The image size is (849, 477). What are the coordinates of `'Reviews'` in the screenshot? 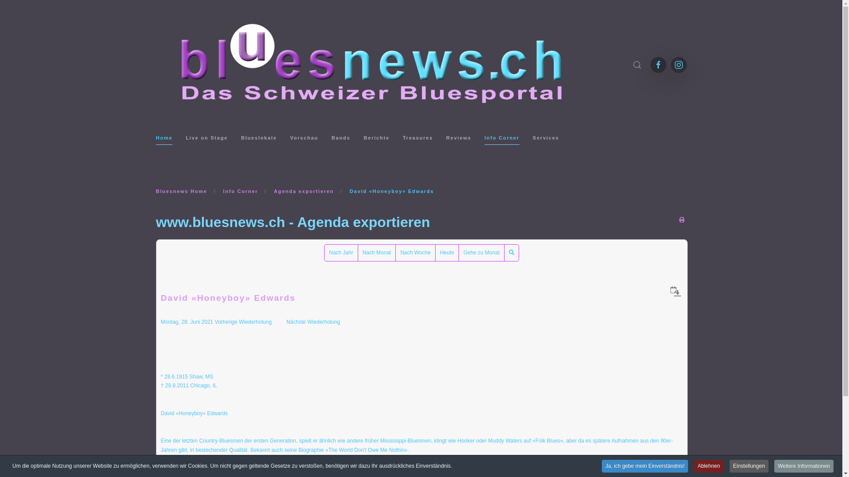 It's located at (459, 138).